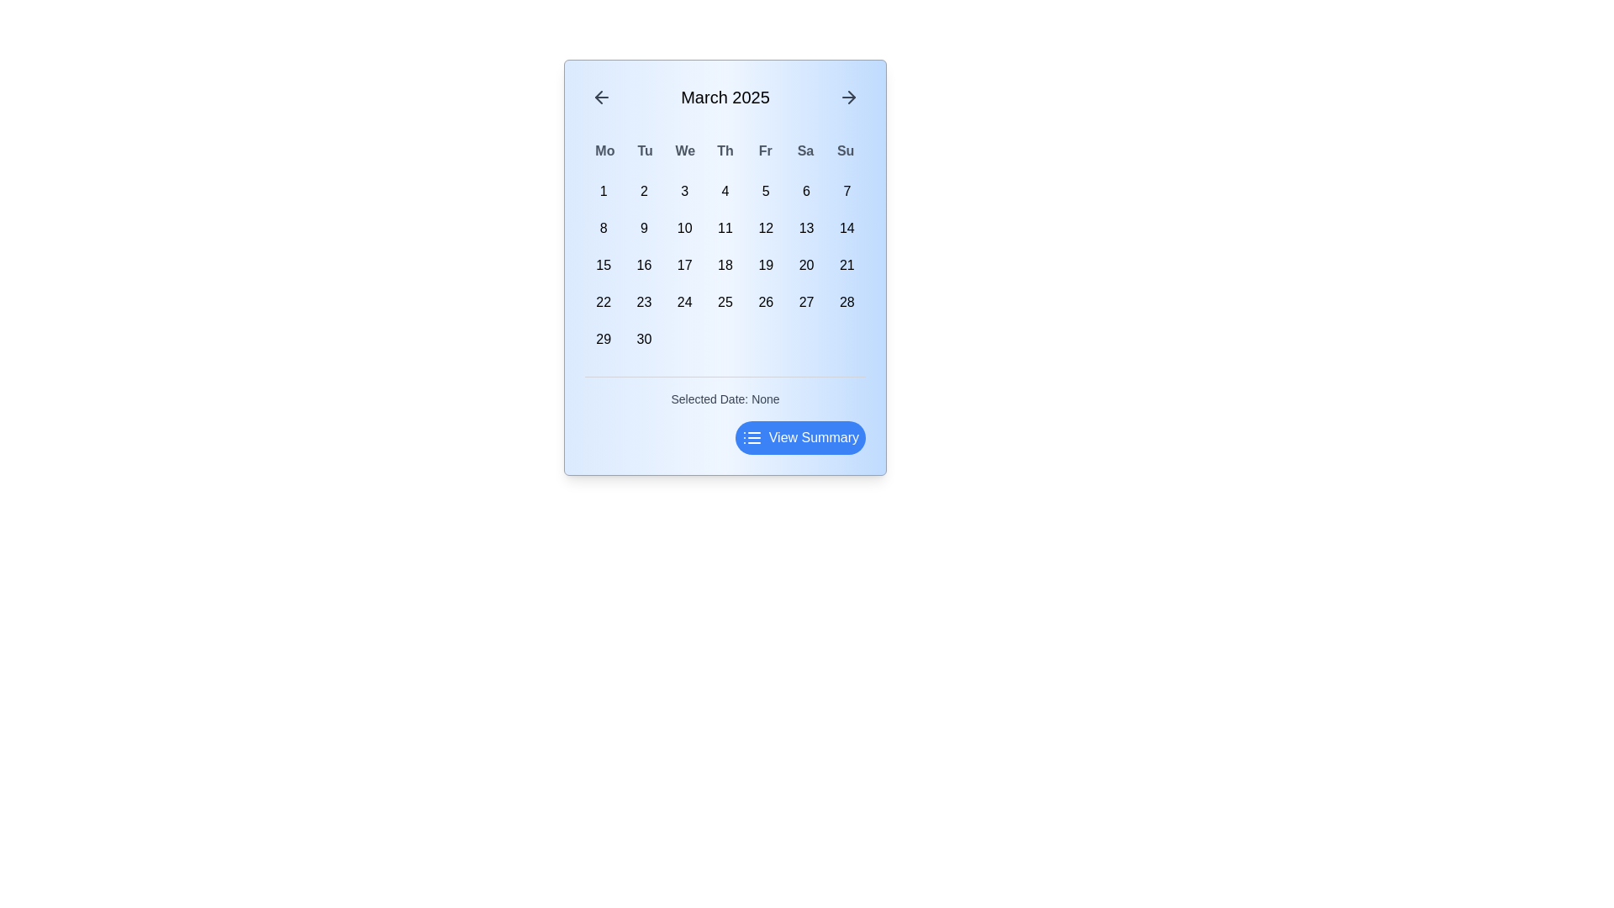 Image resolution: width=1614 pixels, height=908 pixels. Describe the element at coordinates (765, 229) in the screenshot. I see `the rounded button labeled '12' in the calendar for March 2025` at that location.